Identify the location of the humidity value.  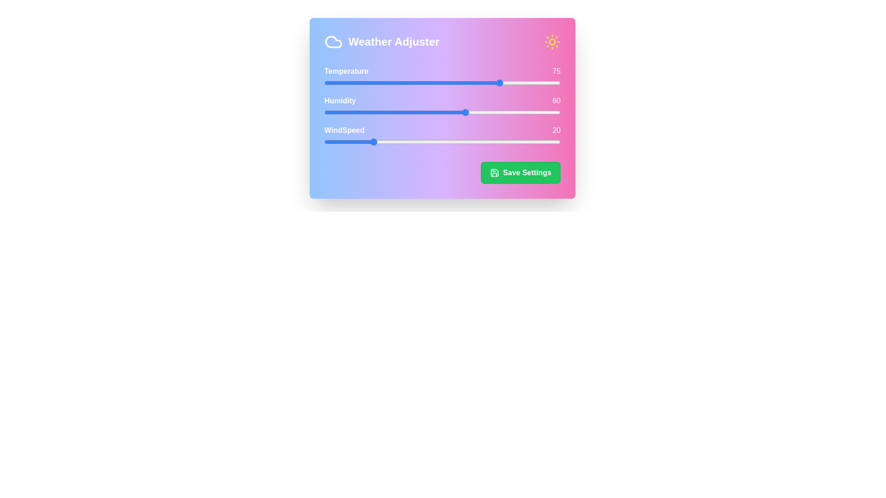
(534, 112).